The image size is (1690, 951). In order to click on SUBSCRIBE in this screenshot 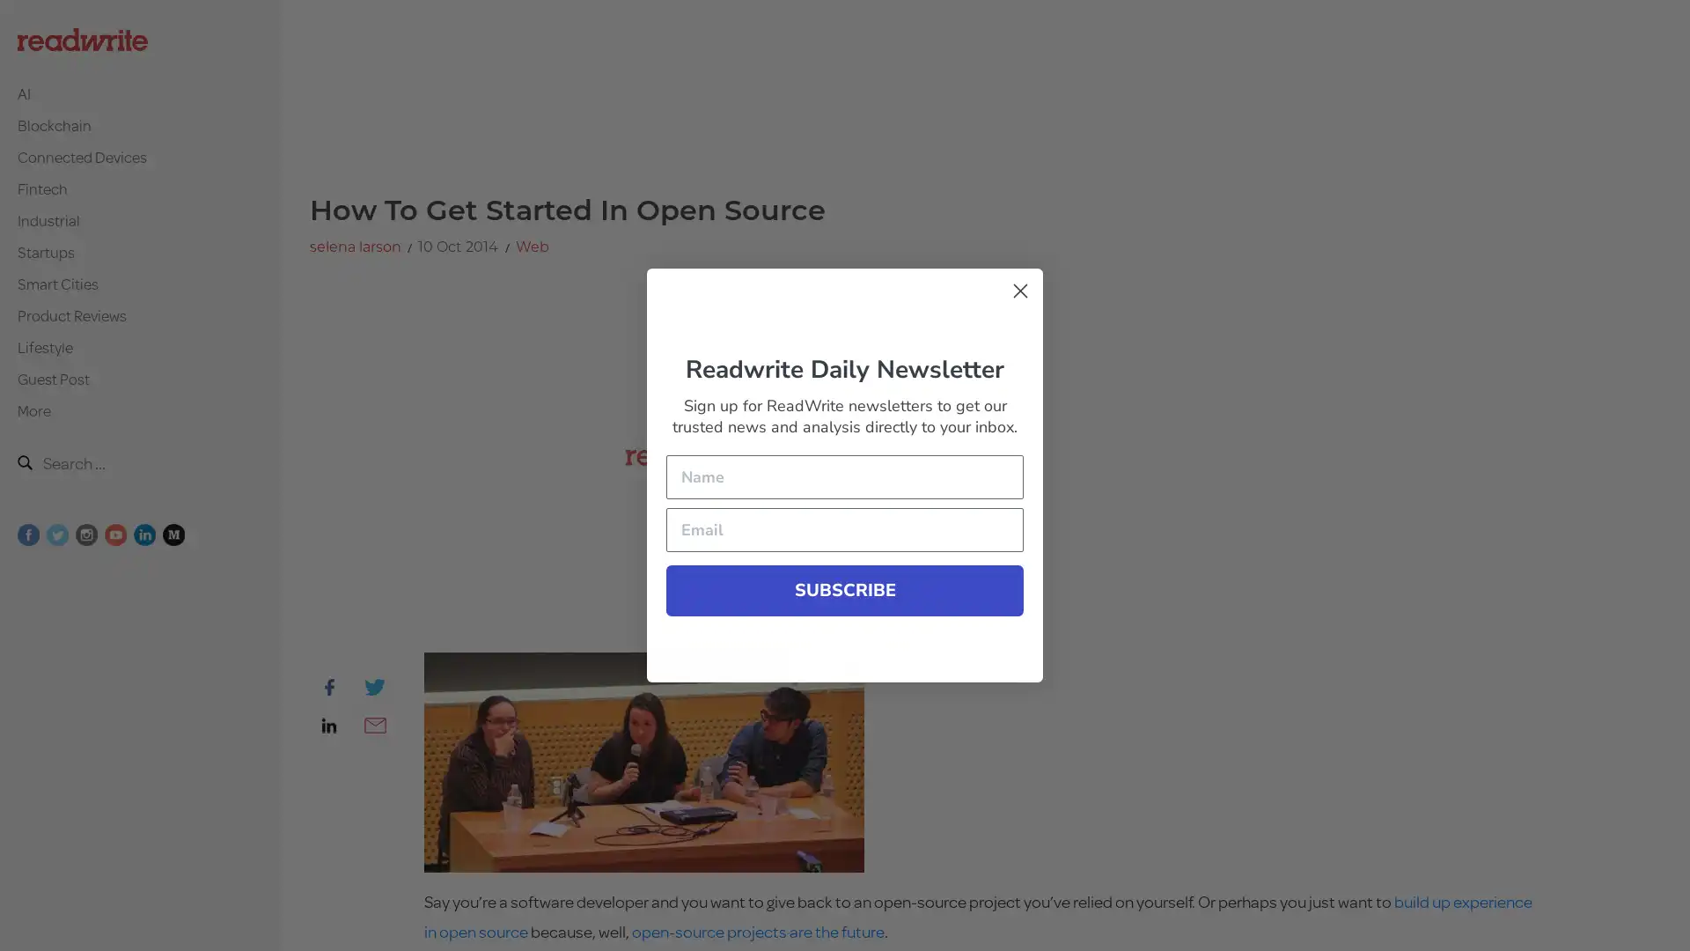, I will do `click(845, 590)`.